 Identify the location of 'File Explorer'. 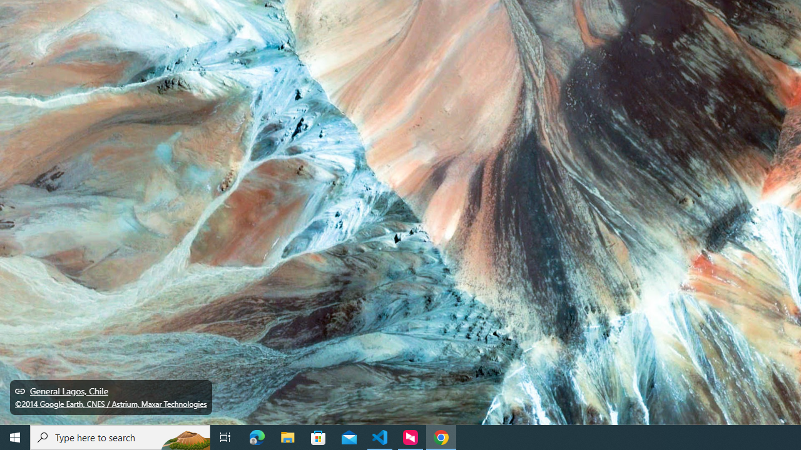
(287, 436).